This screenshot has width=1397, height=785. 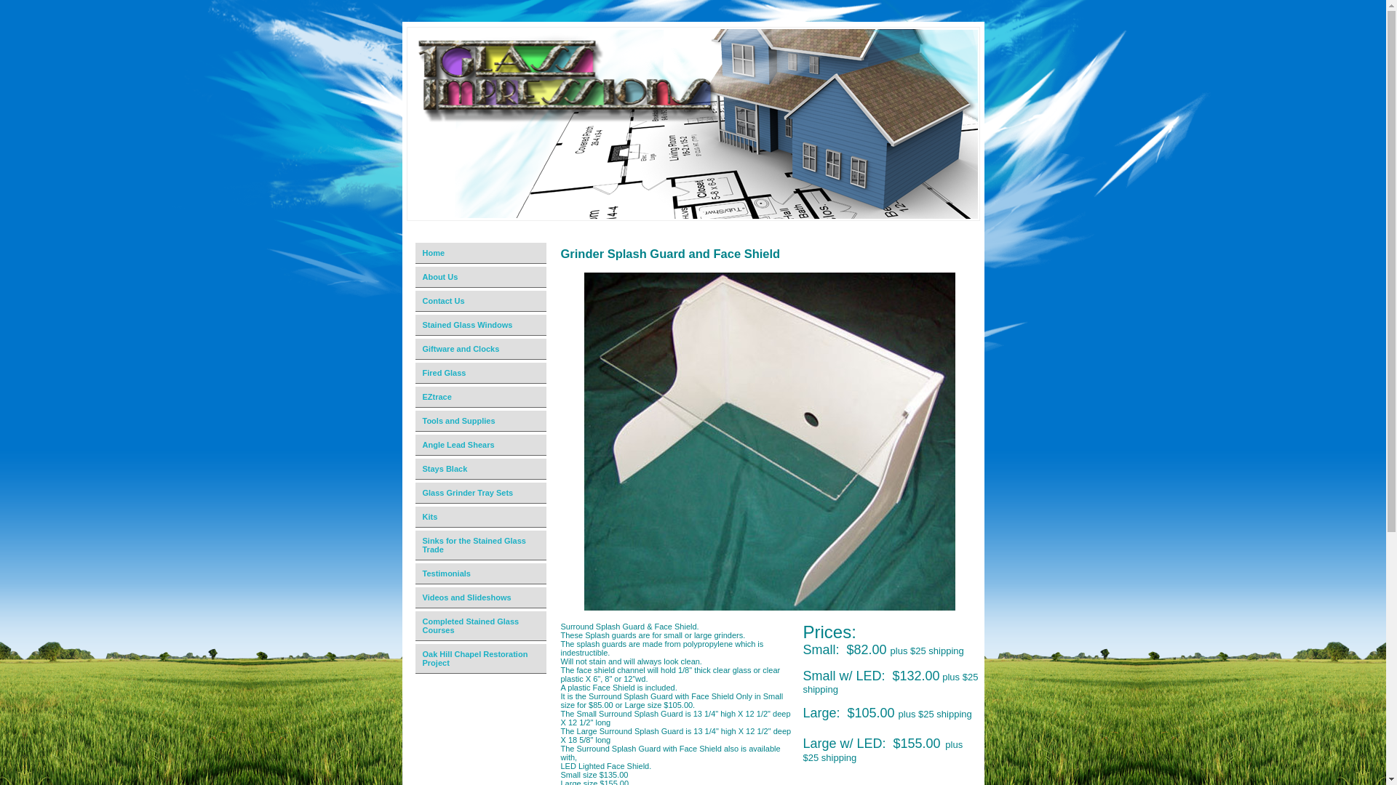 I want to click on 'Giftware and Clocks', so click(x=407, y=349).